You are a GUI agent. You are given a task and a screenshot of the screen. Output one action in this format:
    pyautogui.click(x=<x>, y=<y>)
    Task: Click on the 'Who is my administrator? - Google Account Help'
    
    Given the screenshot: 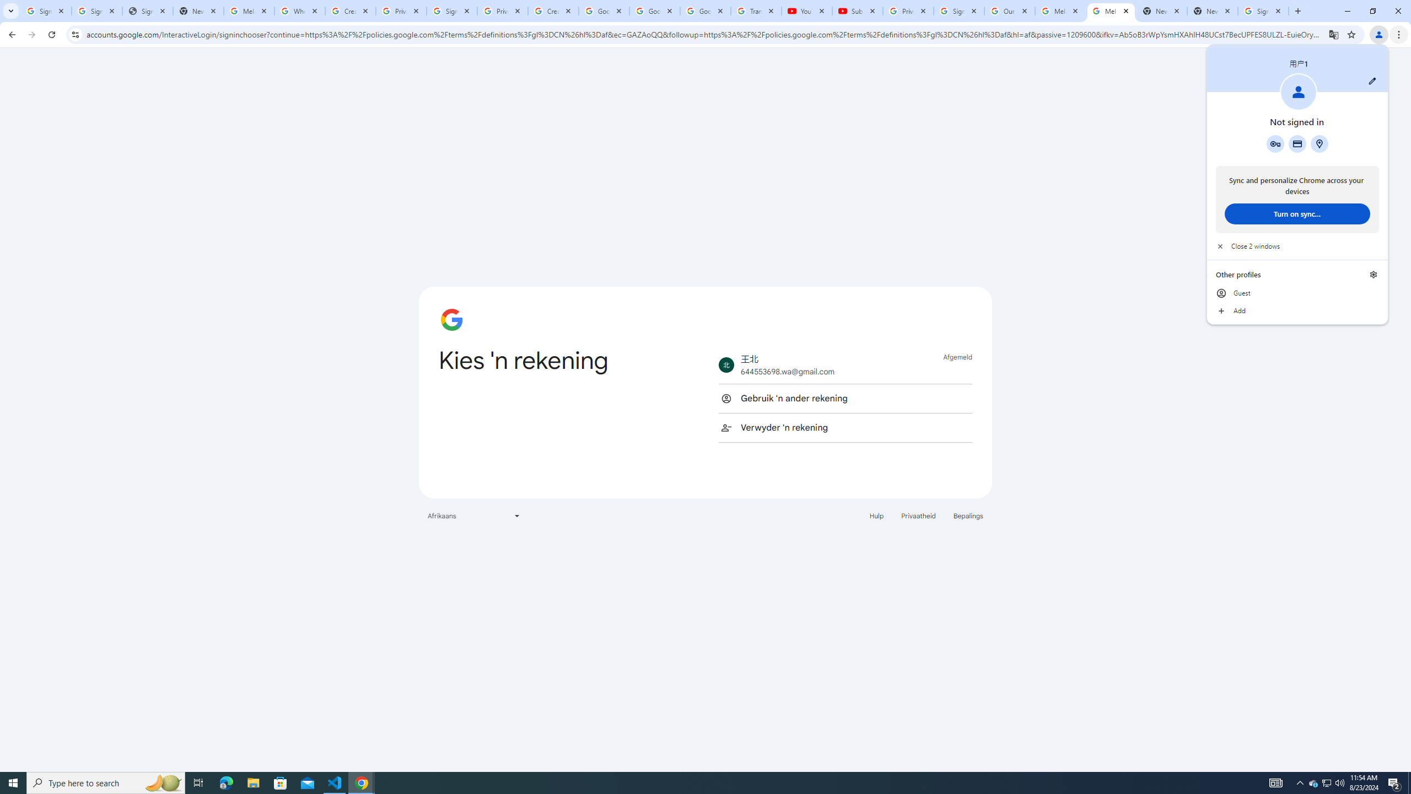 What is the action you would take?
    pyautogui.click(x=299, y=10)
    